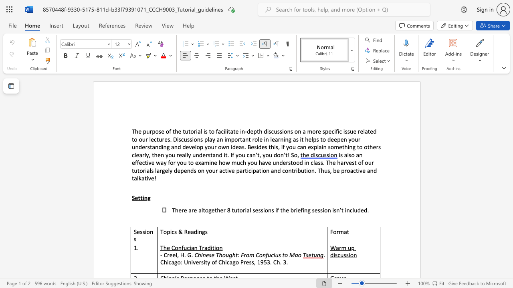  What do you see at coordinates (145, 147) in the screenshot?
I see `the subset text "rstanding and develop your own ideas. Besides this, if you can expla" within the text "in learning as it helps to deepen your understanding and develop your own ideas. Besides this, if you can explain something to others clearly, then you really understand it. If you"` at bounding box center [145, 147].